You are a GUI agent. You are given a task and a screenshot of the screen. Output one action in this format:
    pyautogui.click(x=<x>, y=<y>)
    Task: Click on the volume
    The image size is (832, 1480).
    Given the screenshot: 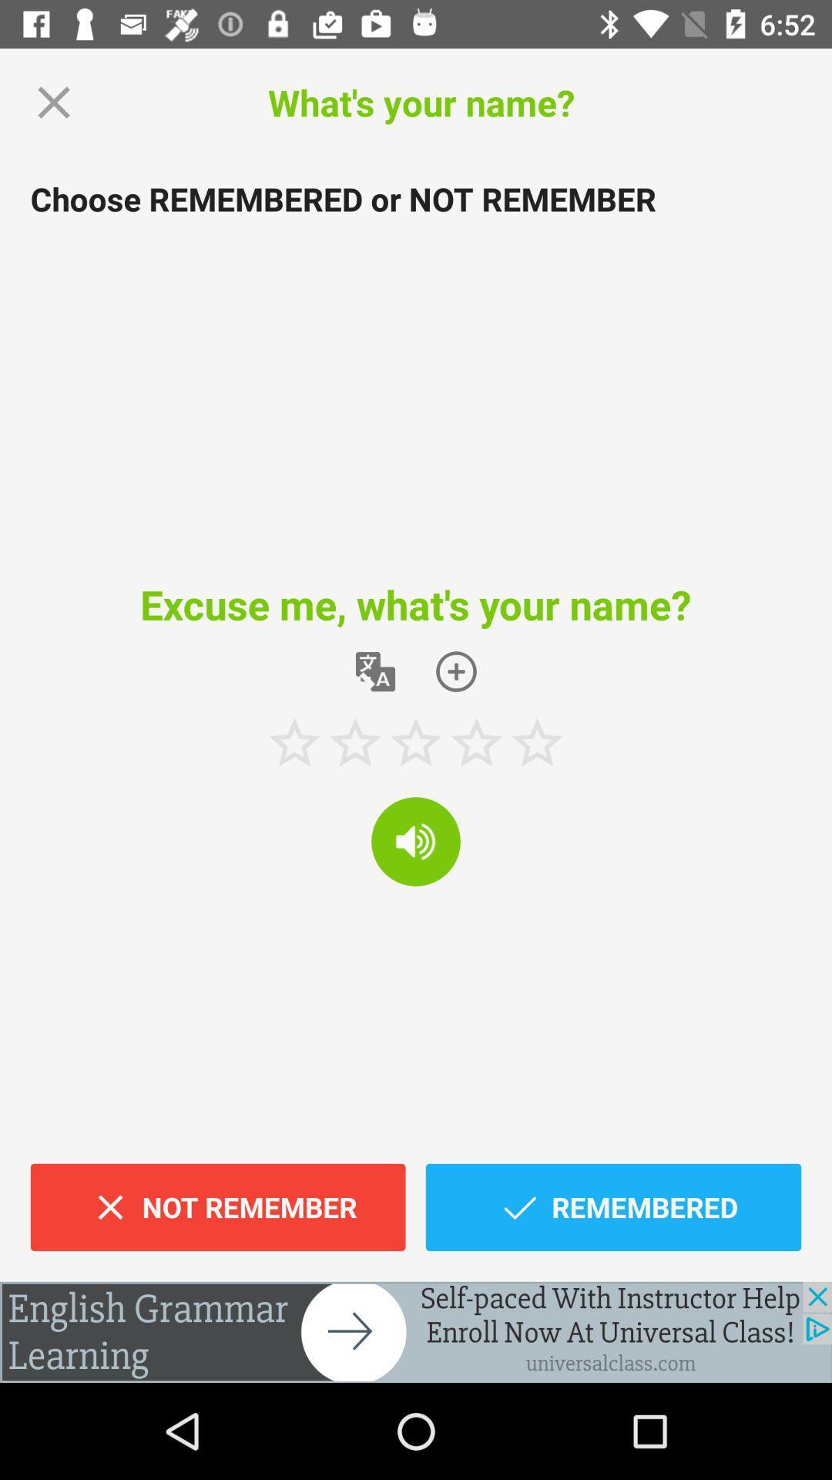 What is the action you would take?
    pyautogui.click(x=416, y=840)
    